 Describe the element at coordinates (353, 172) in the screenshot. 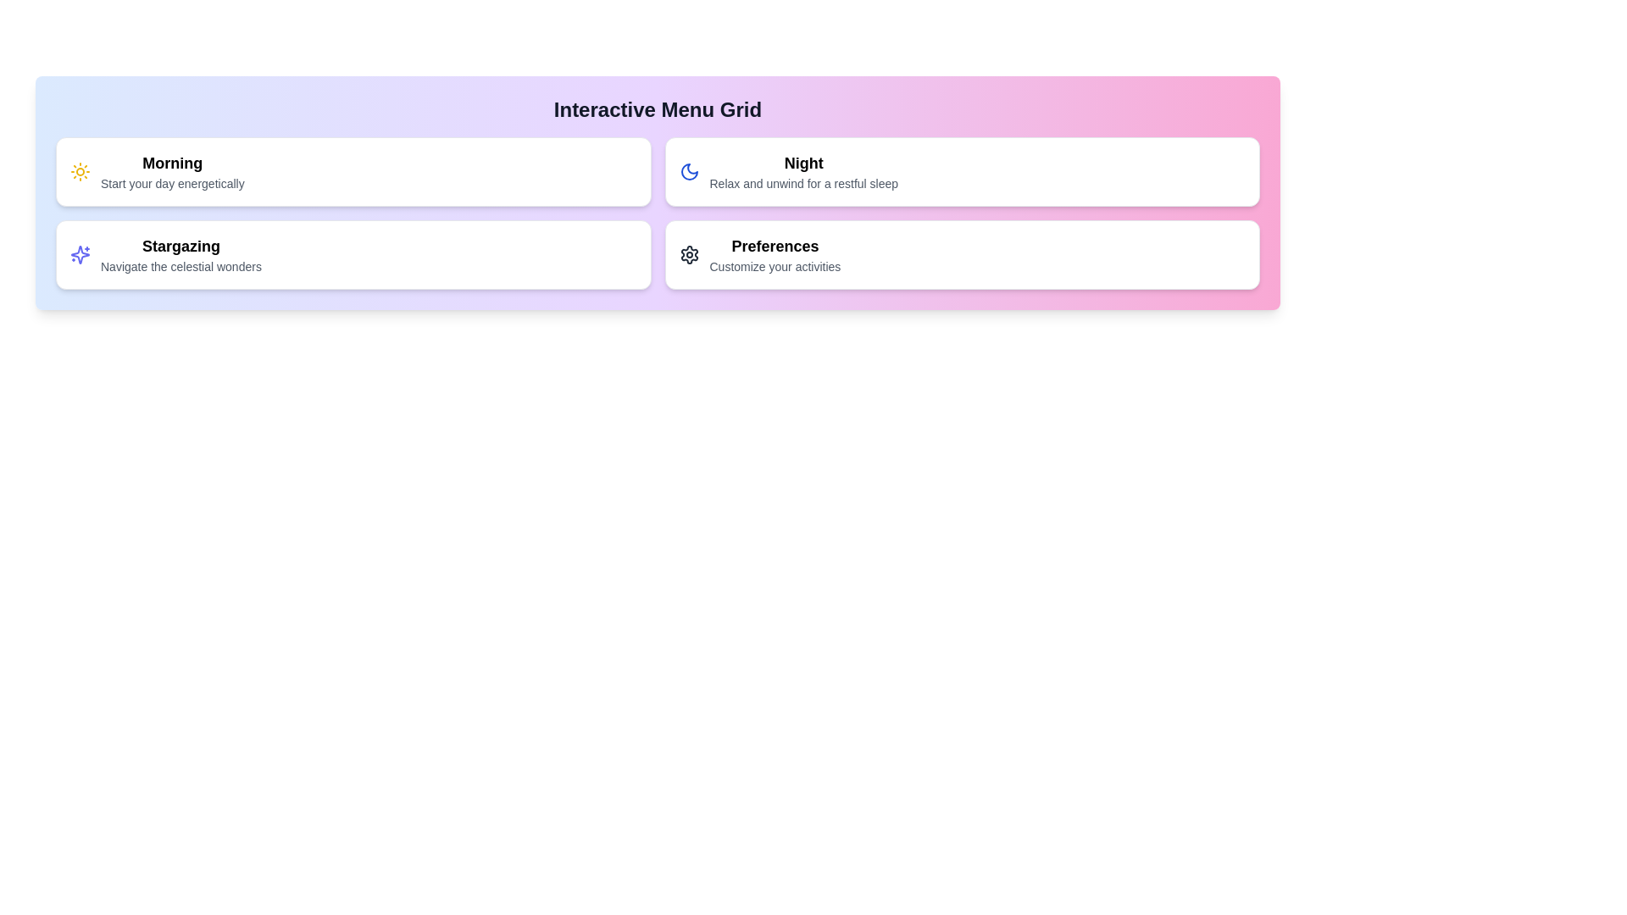

I see `the menu item corresponding to Morning` at that location.